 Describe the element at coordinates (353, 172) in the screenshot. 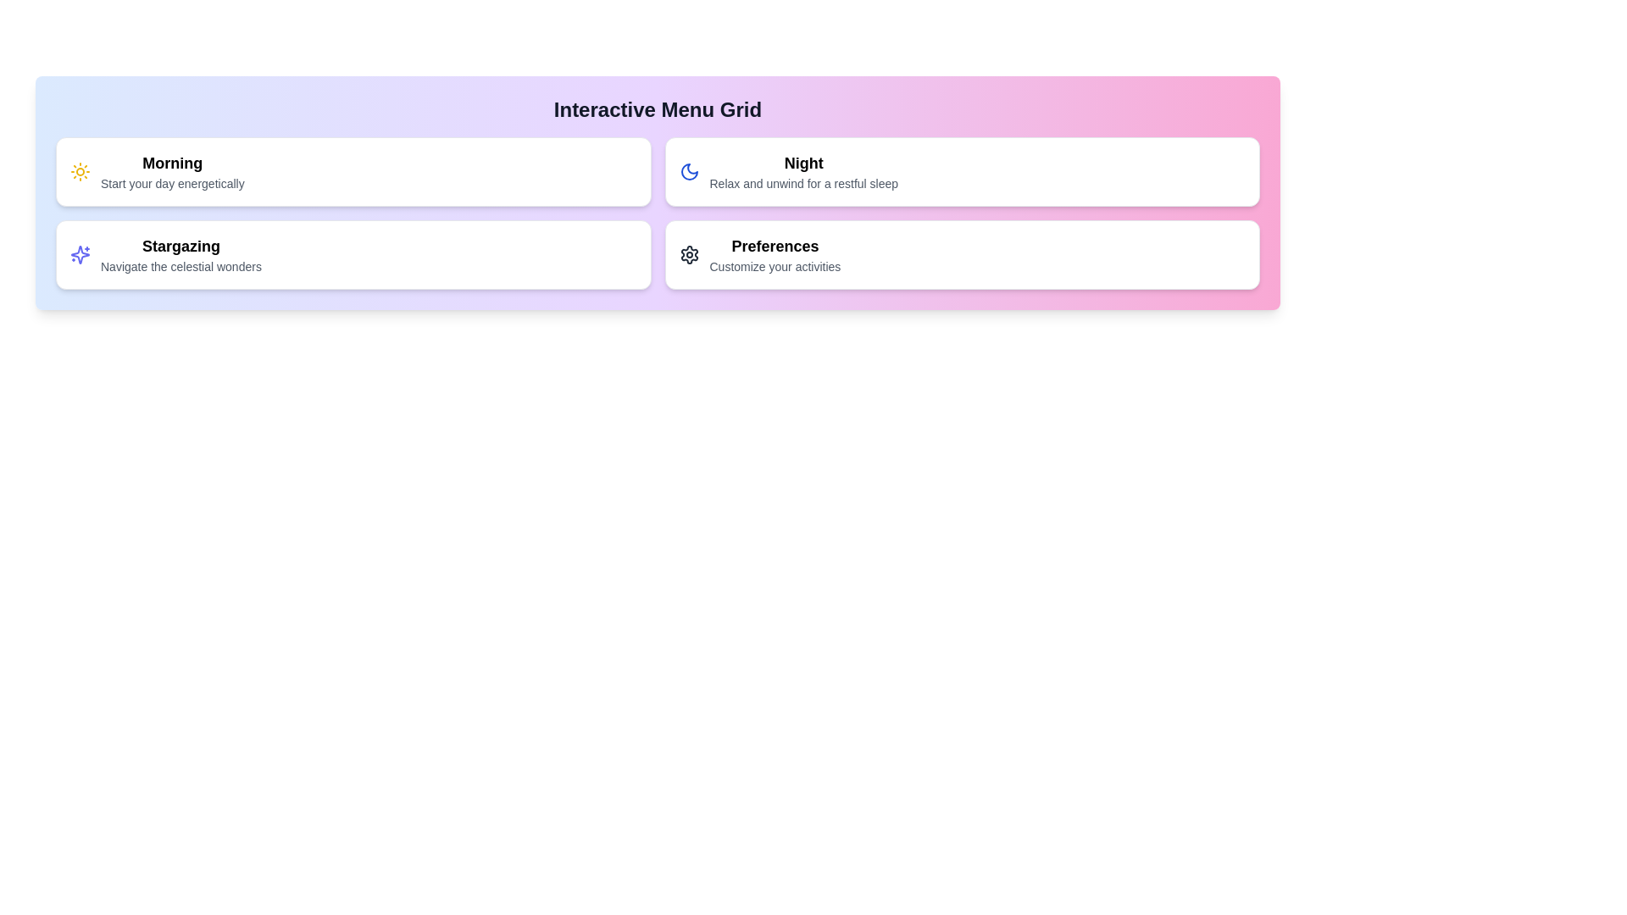

I see `the menu item corresponding to Morning` at that location.